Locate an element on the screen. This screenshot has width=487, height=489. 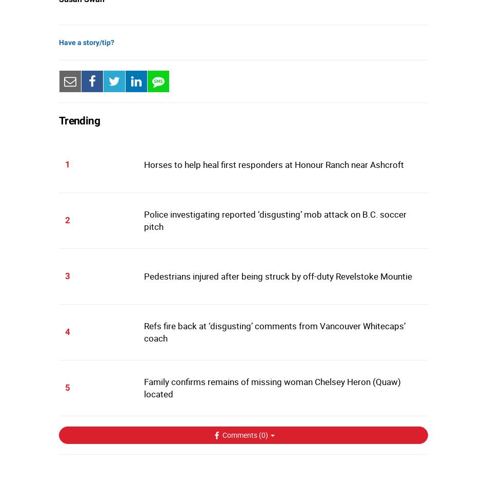
'Comments (' is located at coordinates (240, 435).